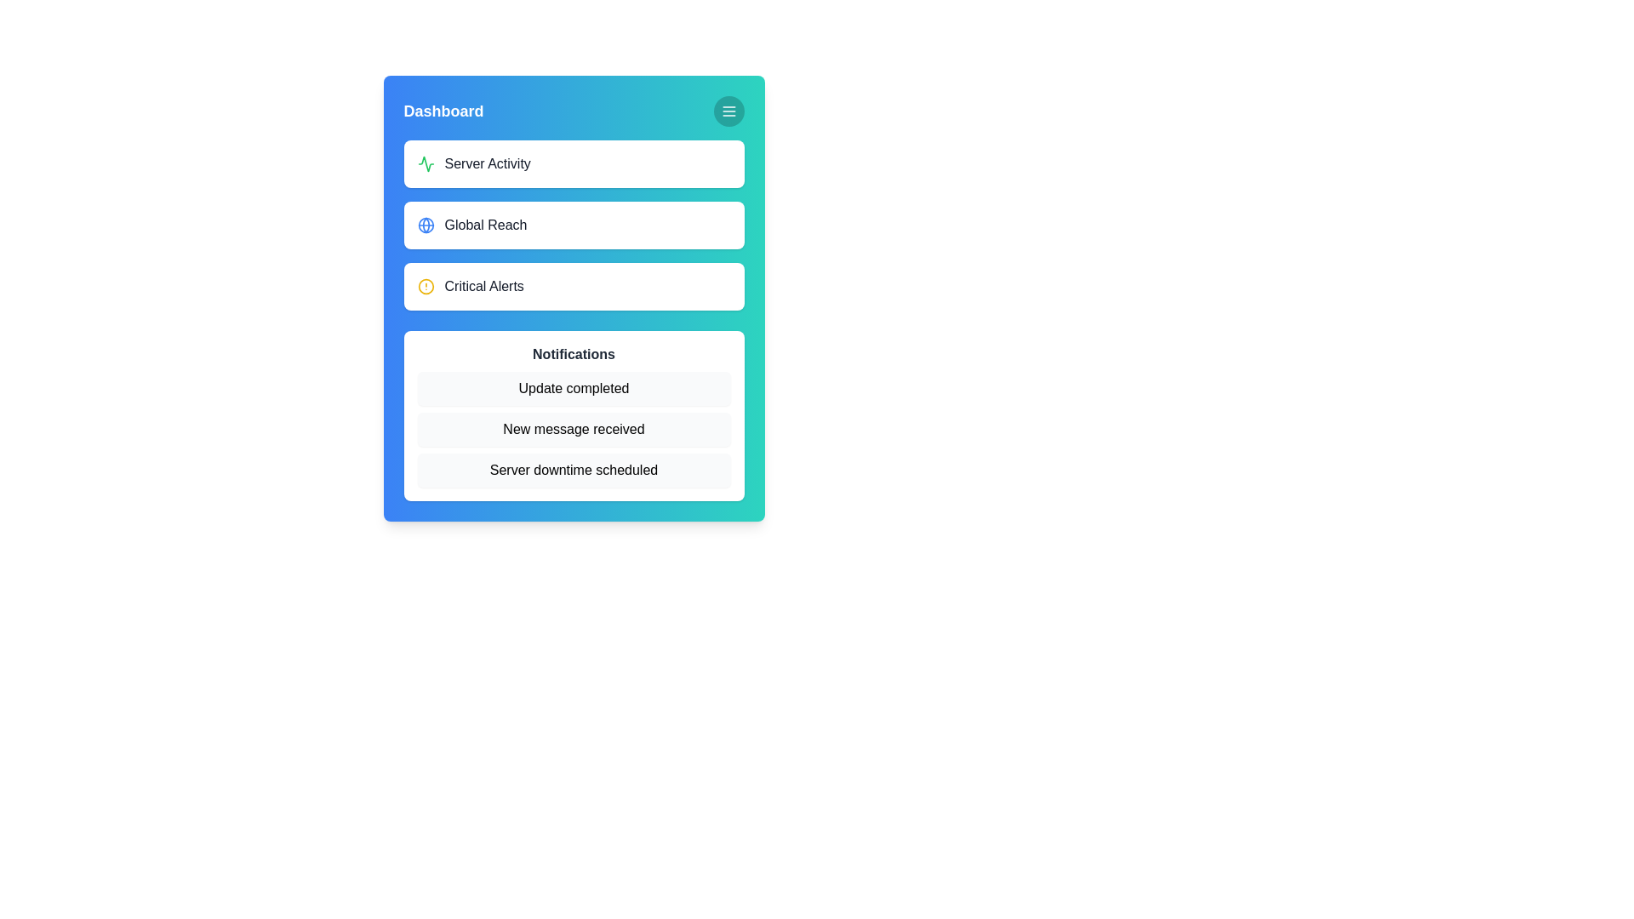 This screenshot has height=919, width=1634. I want to click on the circular graphical element at the center of the globe icon, which is located to the left of the 'Global Reach' text in the dashboard, so click(426, 225).